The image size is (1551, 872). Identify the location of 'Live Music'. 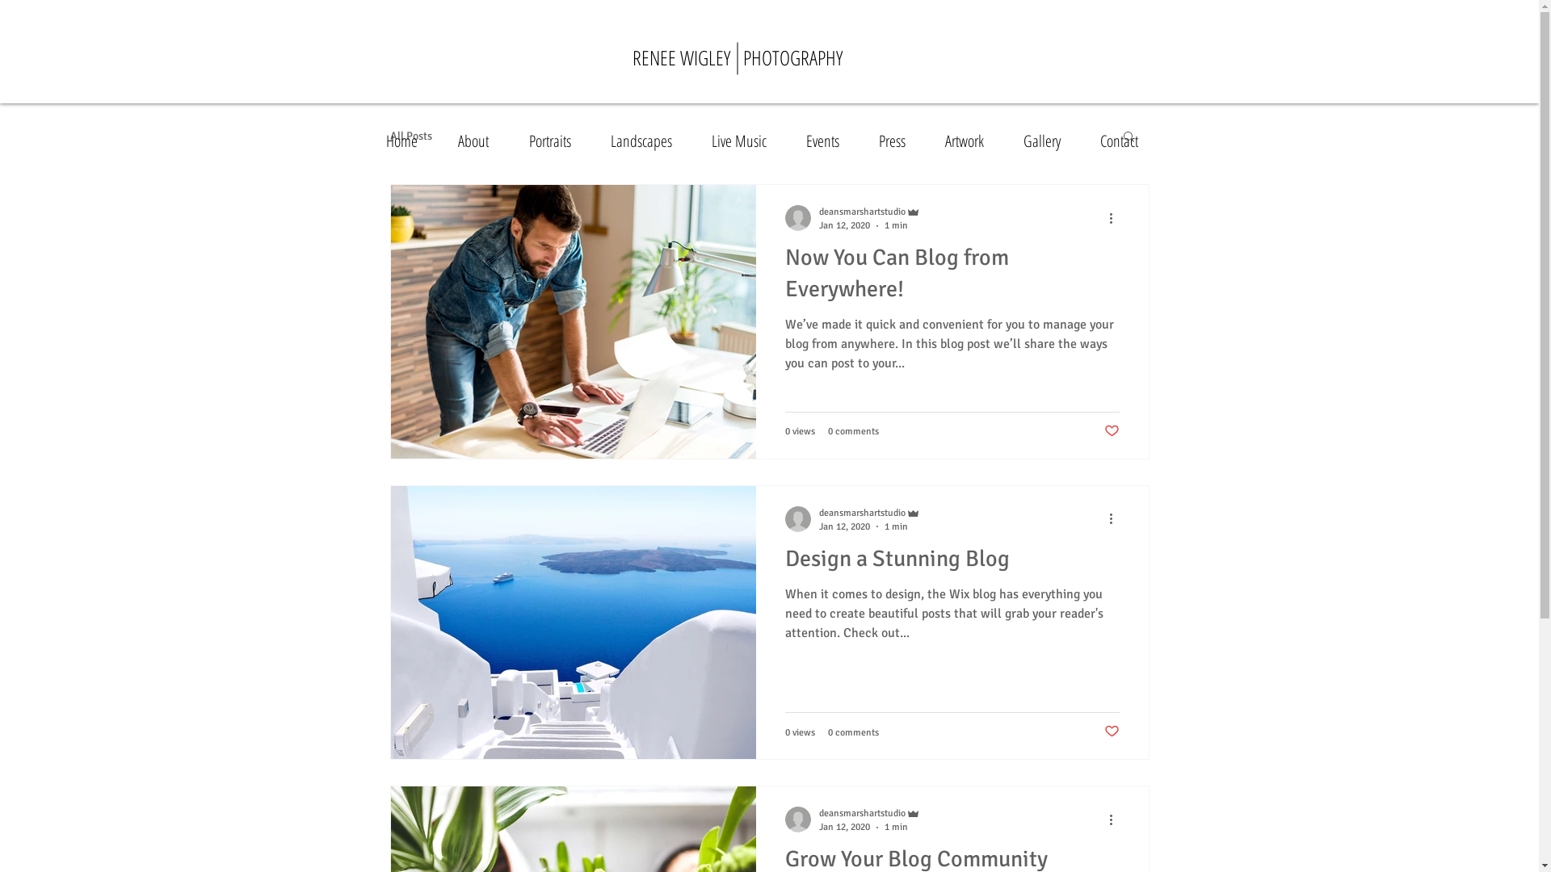
(699, 140).